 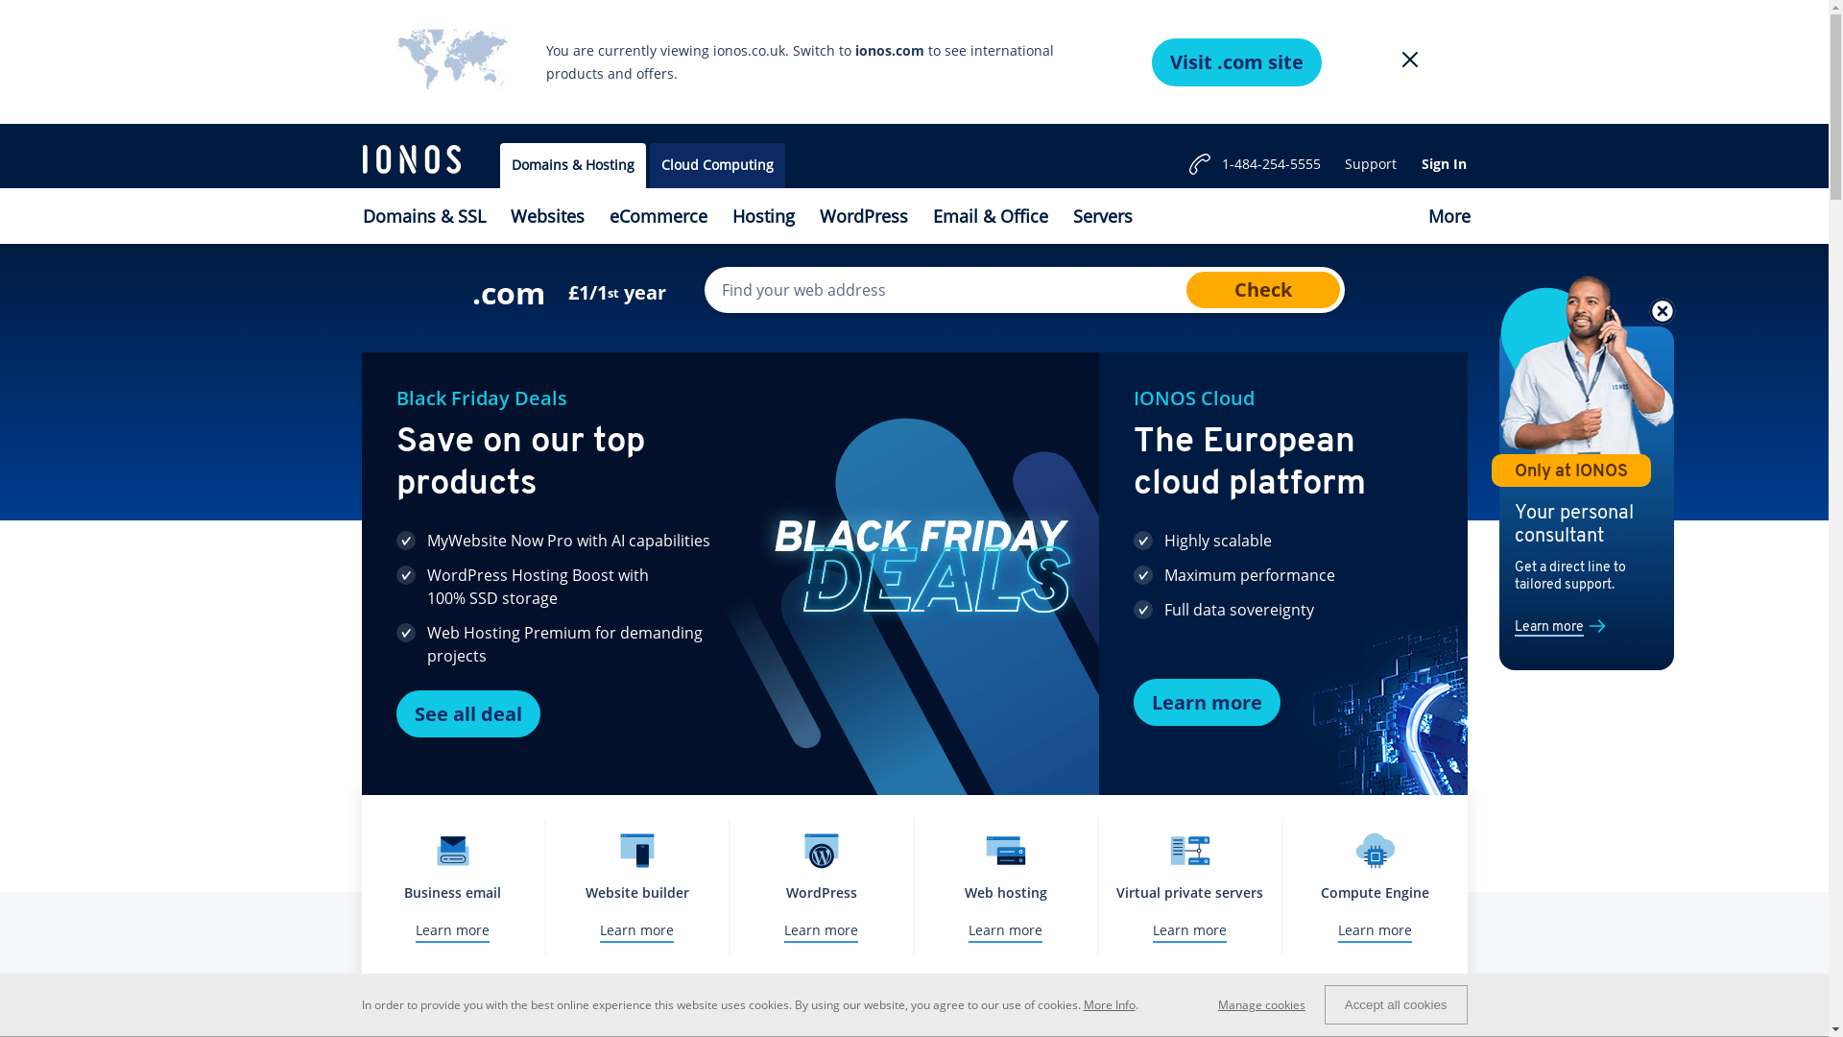 I want to click on 'eCommerce', so click(x=658, y=215).